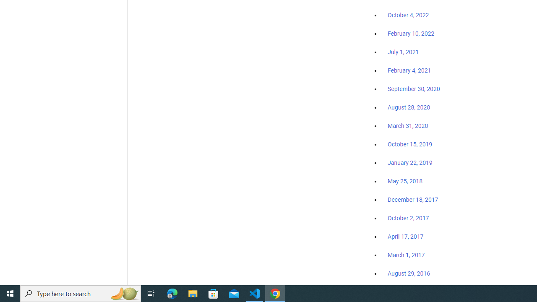 The image size is (537, 302). I want to click on 'August 28, 2020', so click(409, 107).